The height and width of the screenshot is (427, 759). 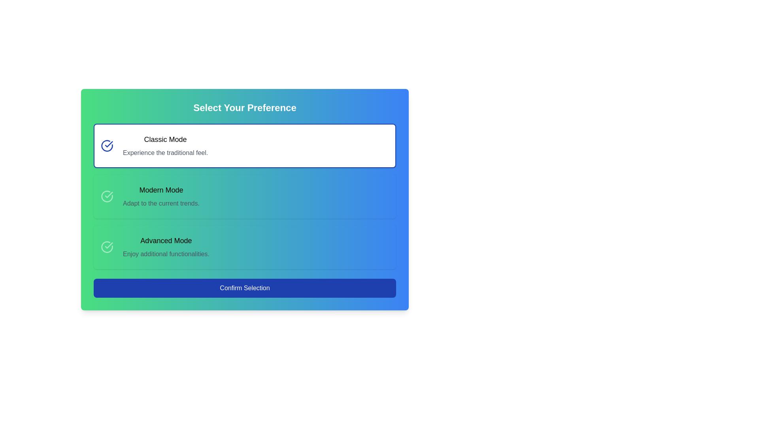 What do you see at coordinates (161, 196) in the screenshot?
I see `displayed text in the 'Modern Mode' Text Block, which consists of the title 'Modern Mode' and the description 'Adapt to the current trends.'` at bounding box center [161, 196].